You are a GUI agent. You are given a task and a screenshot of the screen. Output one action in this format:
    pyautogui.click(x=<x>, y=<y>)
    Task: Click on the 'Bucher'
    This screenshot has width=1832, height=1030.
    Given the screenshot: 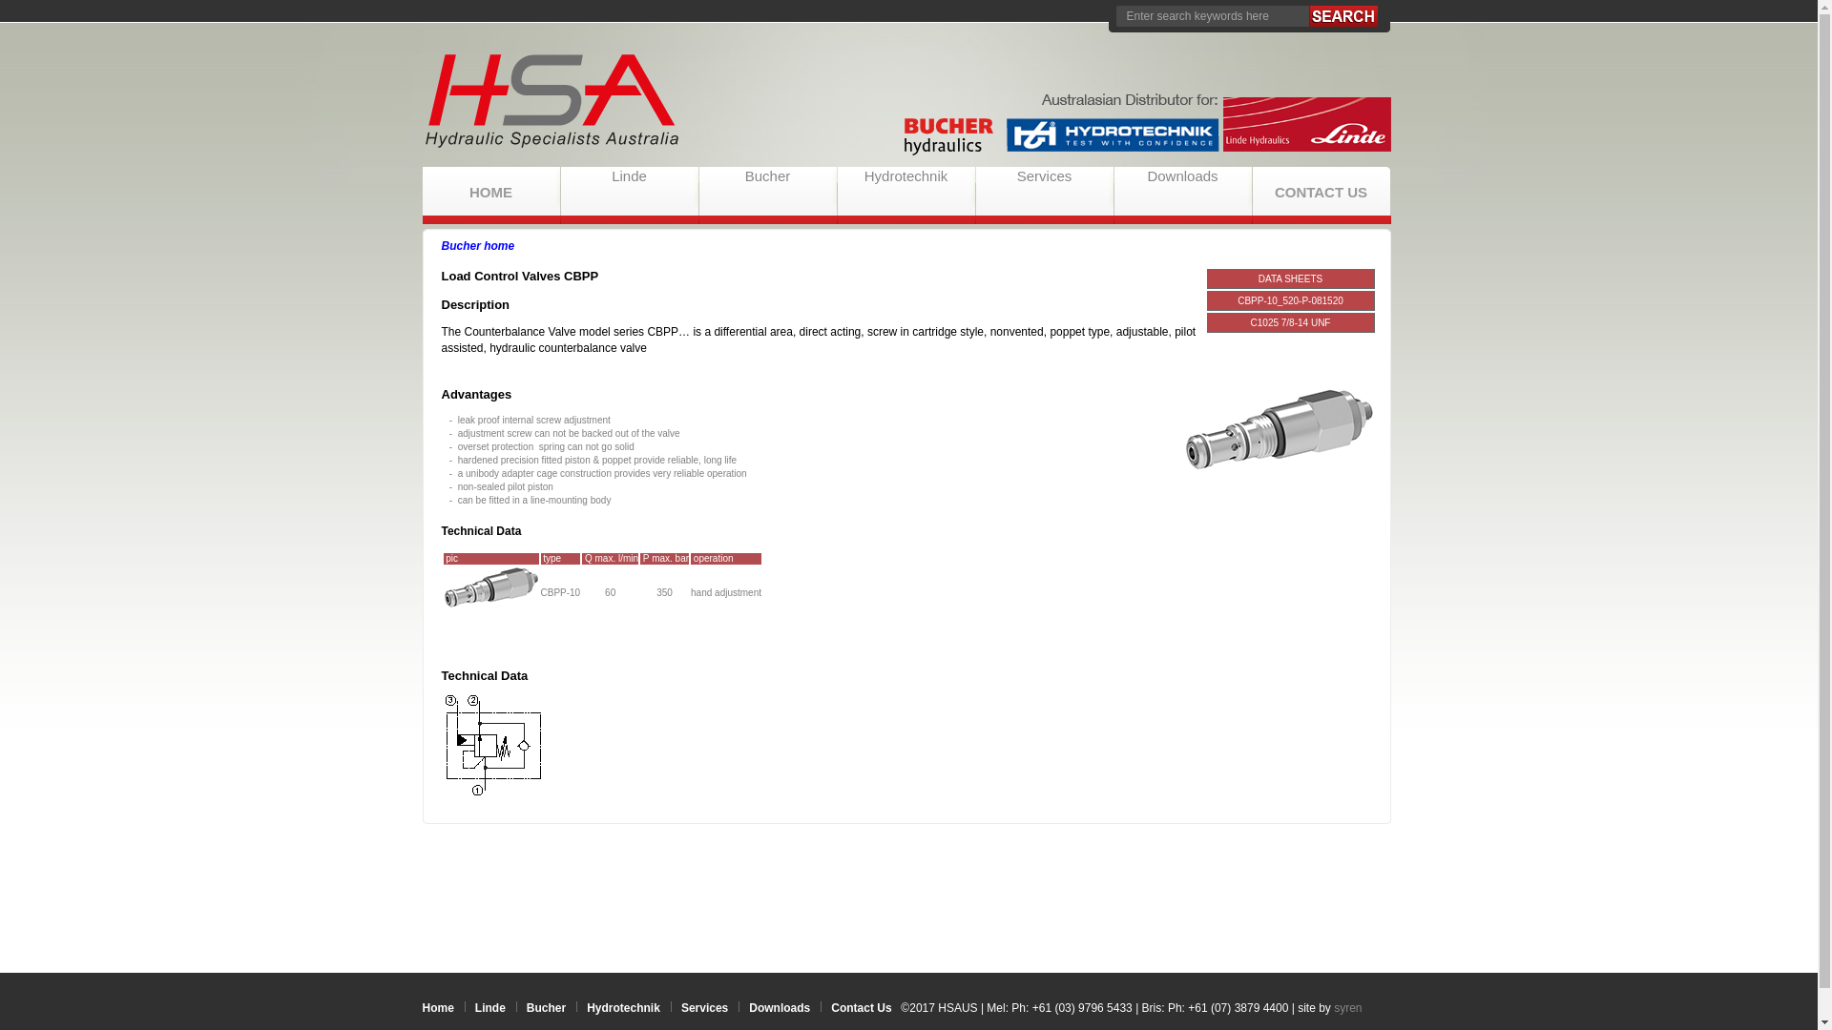 What is the action you would take?
    pyautogui.click(x=527, y=1006)
    